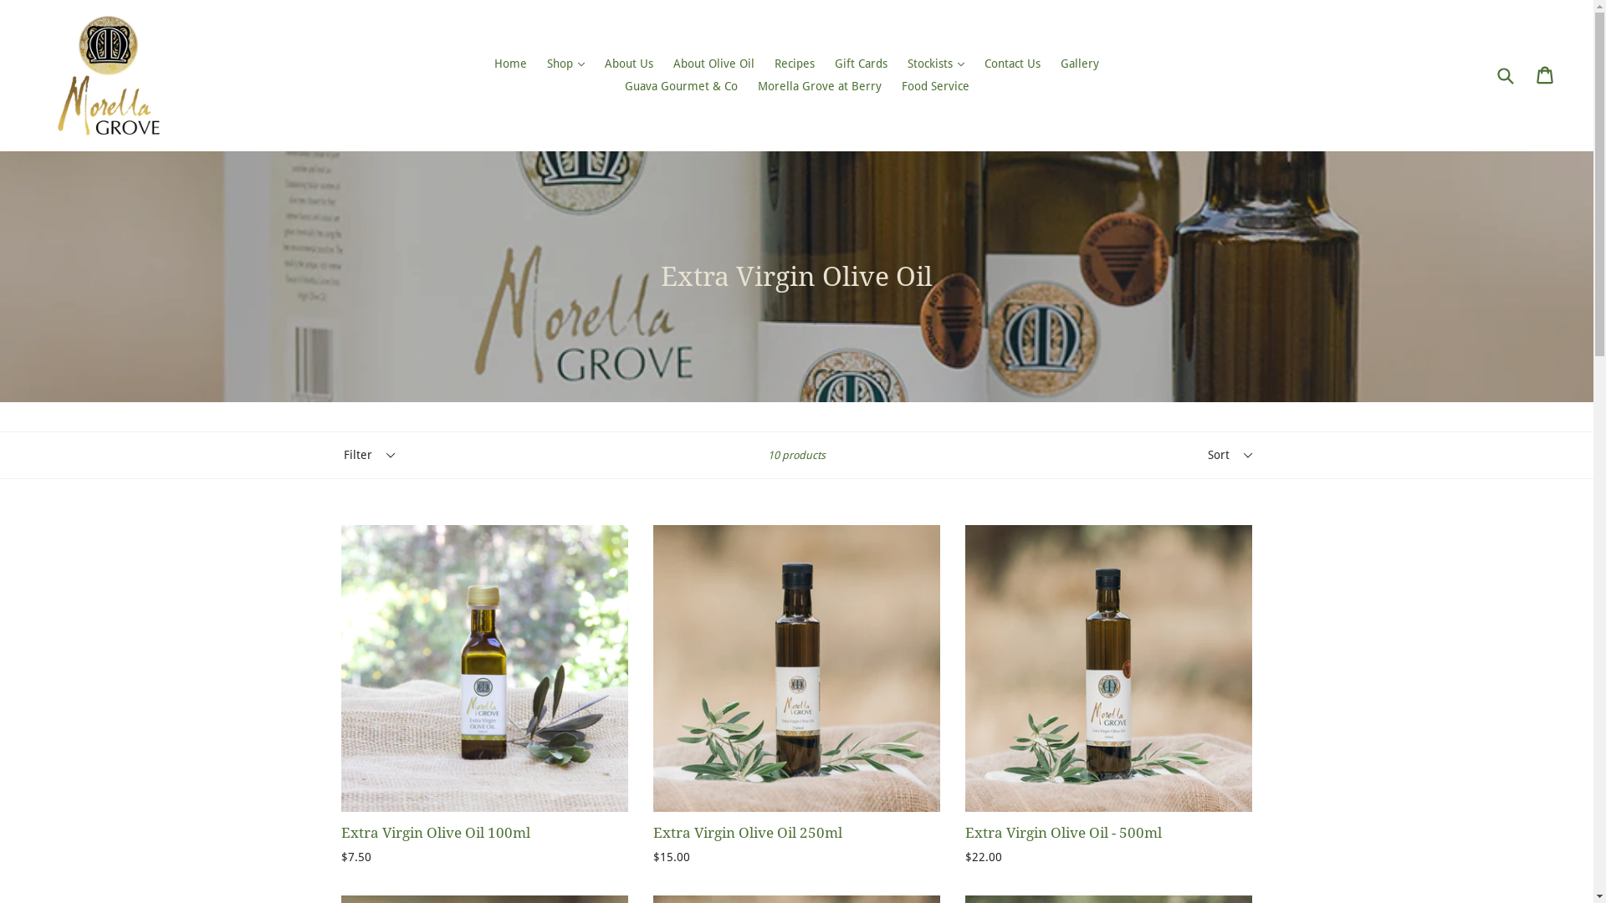 This screenshot has height=903, width=1606. What do you see at coordinates (1051, 63) in the screenshot?
I see `'Gallery'` at bounding box center [1051, 63].